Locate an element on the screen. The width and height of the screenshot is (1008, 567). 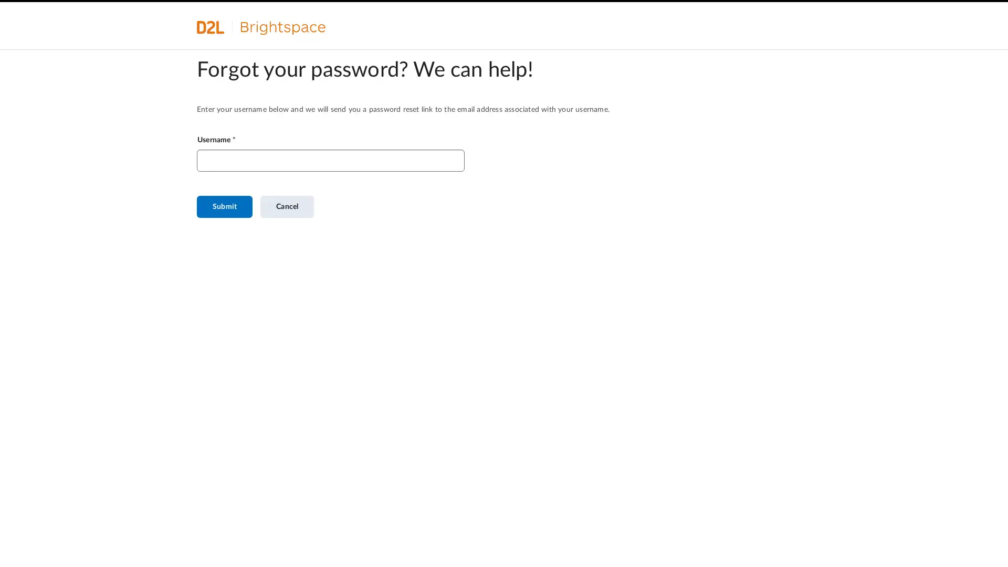
Submit is located at coordinates (224, 206).